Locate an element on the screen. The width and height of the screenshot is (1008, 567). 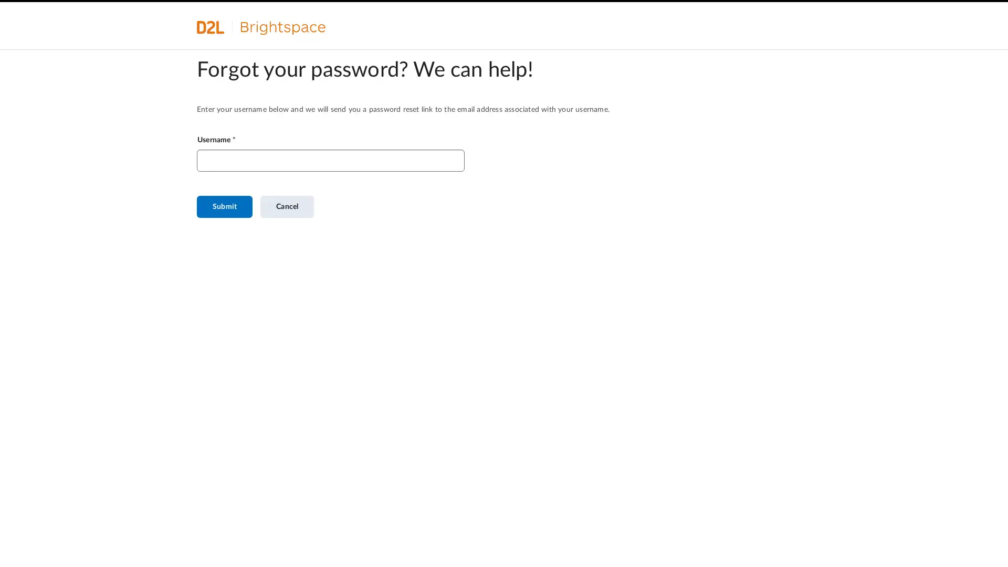
Submit is located at coordinates (224, 206).